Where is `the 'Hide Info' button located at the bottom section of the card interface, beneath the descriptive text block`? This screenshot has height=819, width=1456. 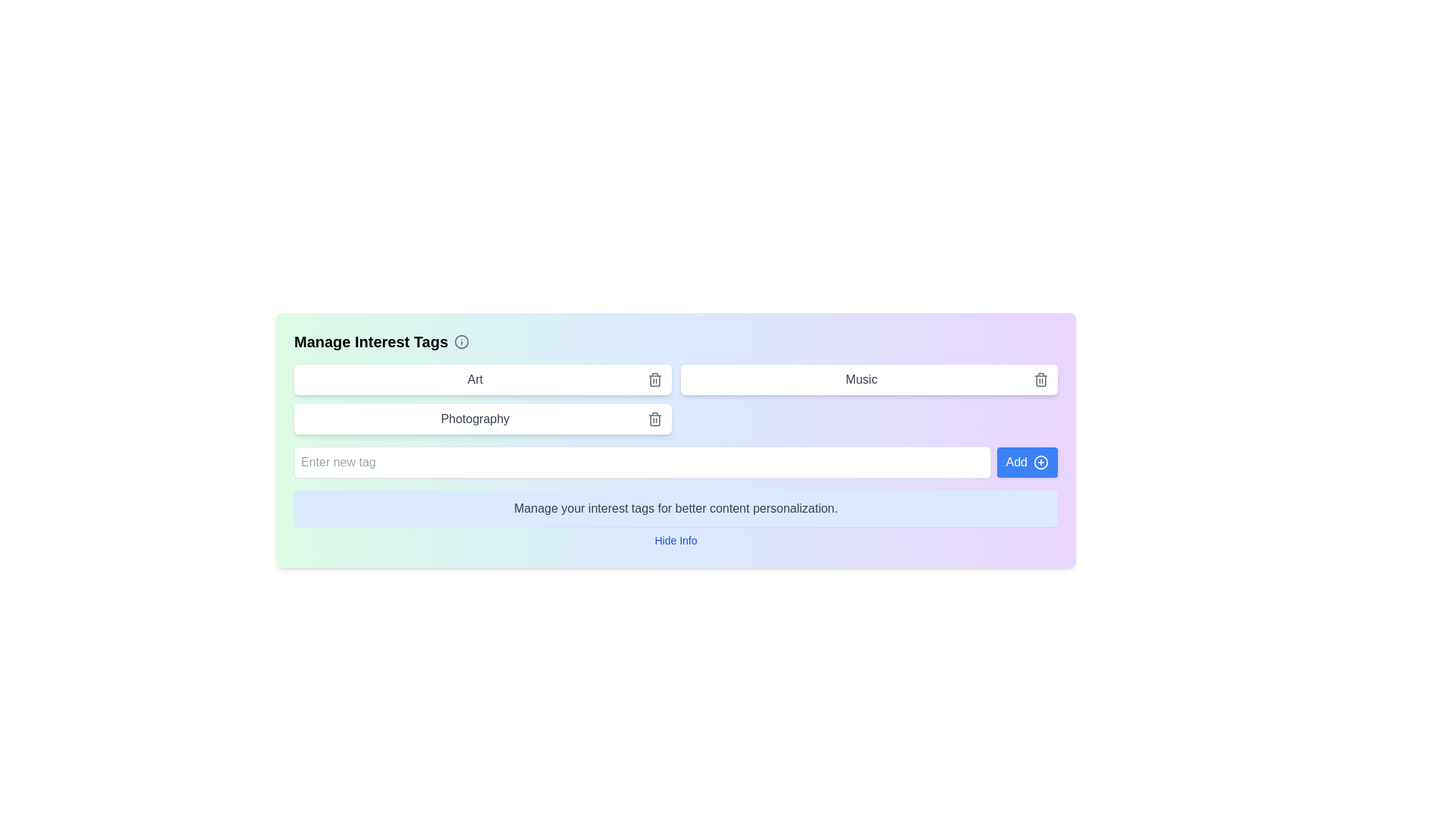 the 'Hide Info' button located at the bottom section of the card interface, beneath the descriptive text block is located at coordinates (675, 540).